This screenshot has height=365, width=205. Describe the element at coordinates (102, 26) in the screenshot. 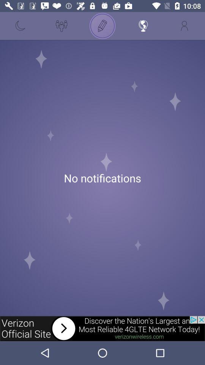

I see `discuss` at that location.